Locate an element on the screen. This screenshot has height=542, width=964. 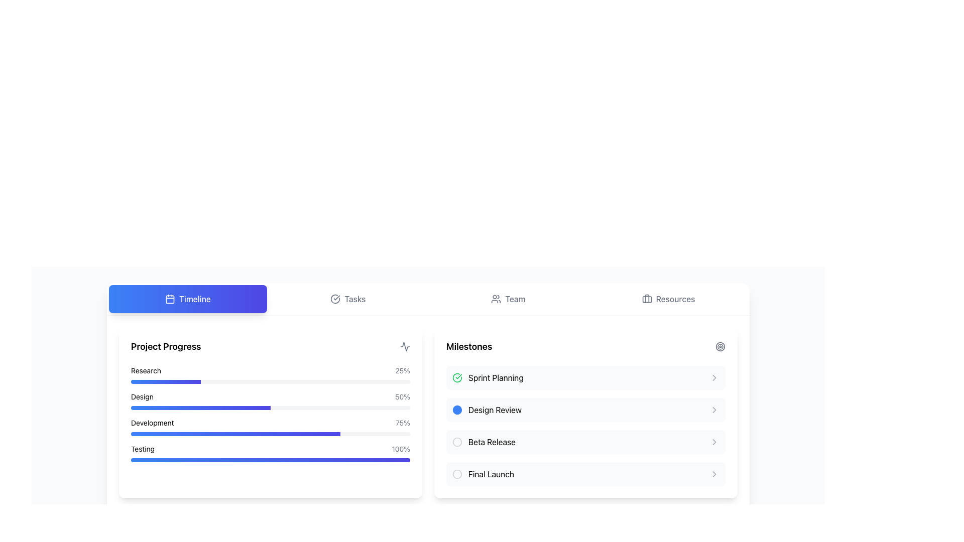
text content of the Text element displaying 'Timeline', which is centered in a header bar with a blue-to-indigo gradient background is located at coordinates (195, 299).